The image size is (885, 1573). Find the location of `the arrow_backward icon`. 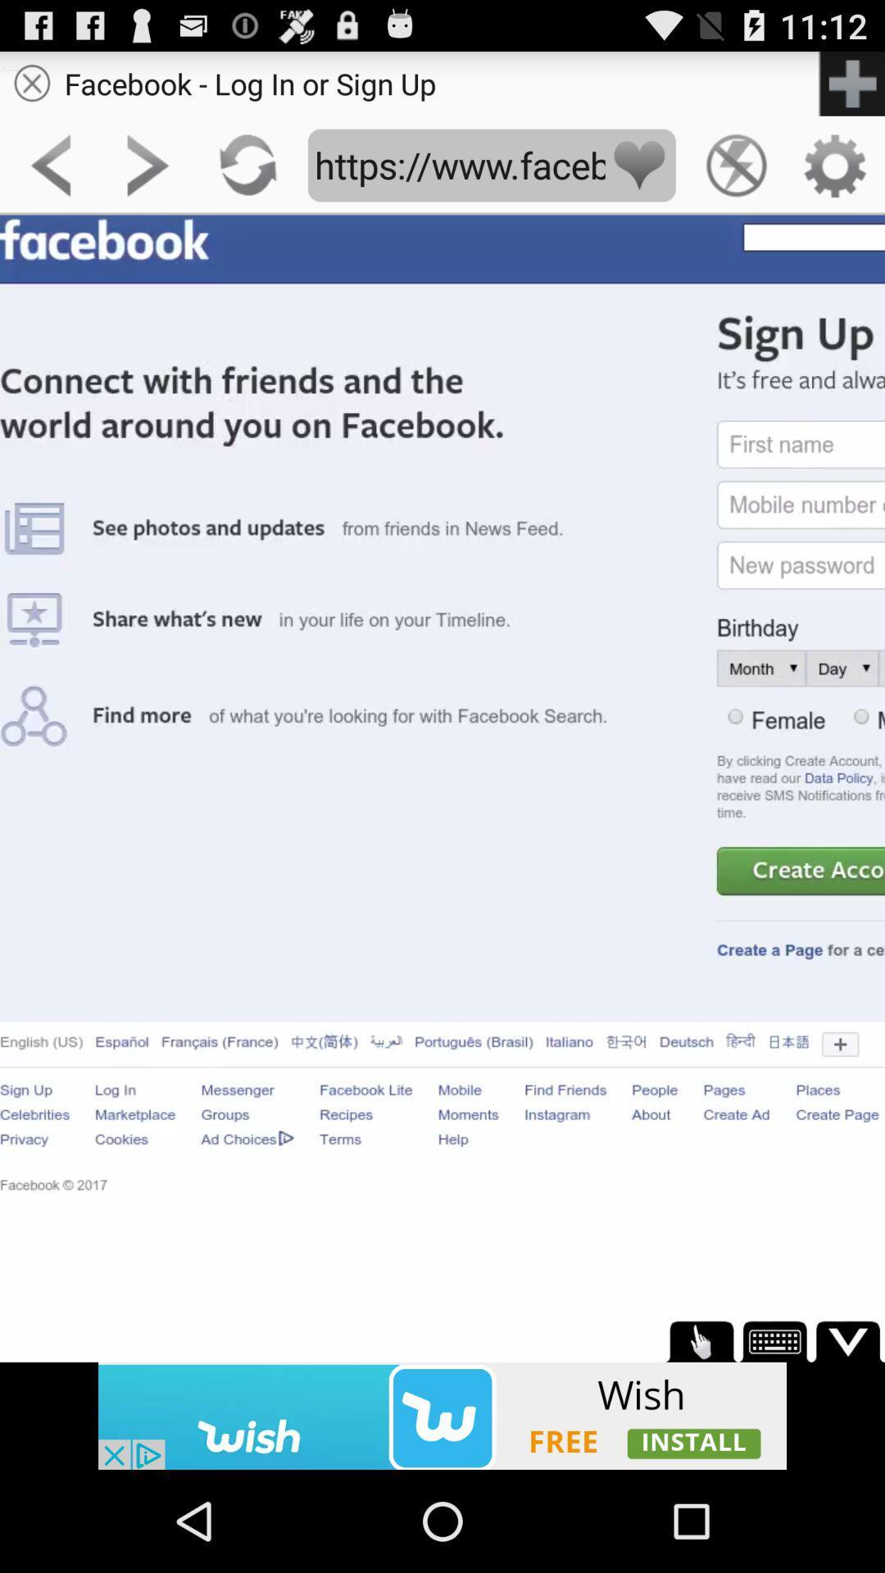

the arrow_backward icon is located at coordinates (48, 177).